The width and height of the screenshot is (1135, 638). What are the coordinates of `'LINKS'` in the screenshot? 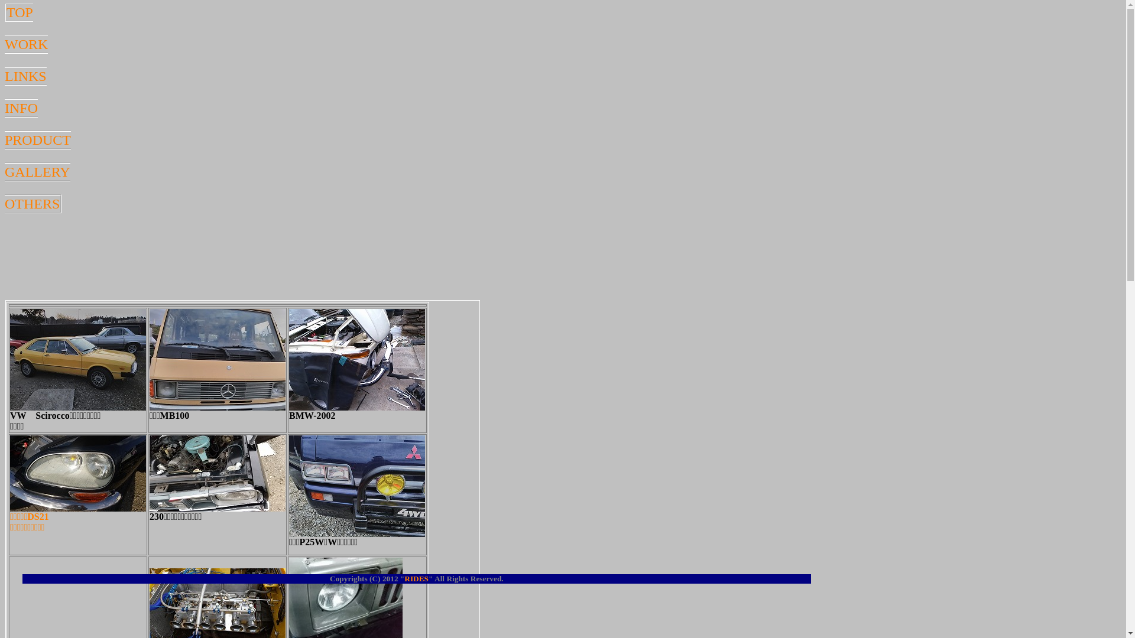 It's located at (25, 76).